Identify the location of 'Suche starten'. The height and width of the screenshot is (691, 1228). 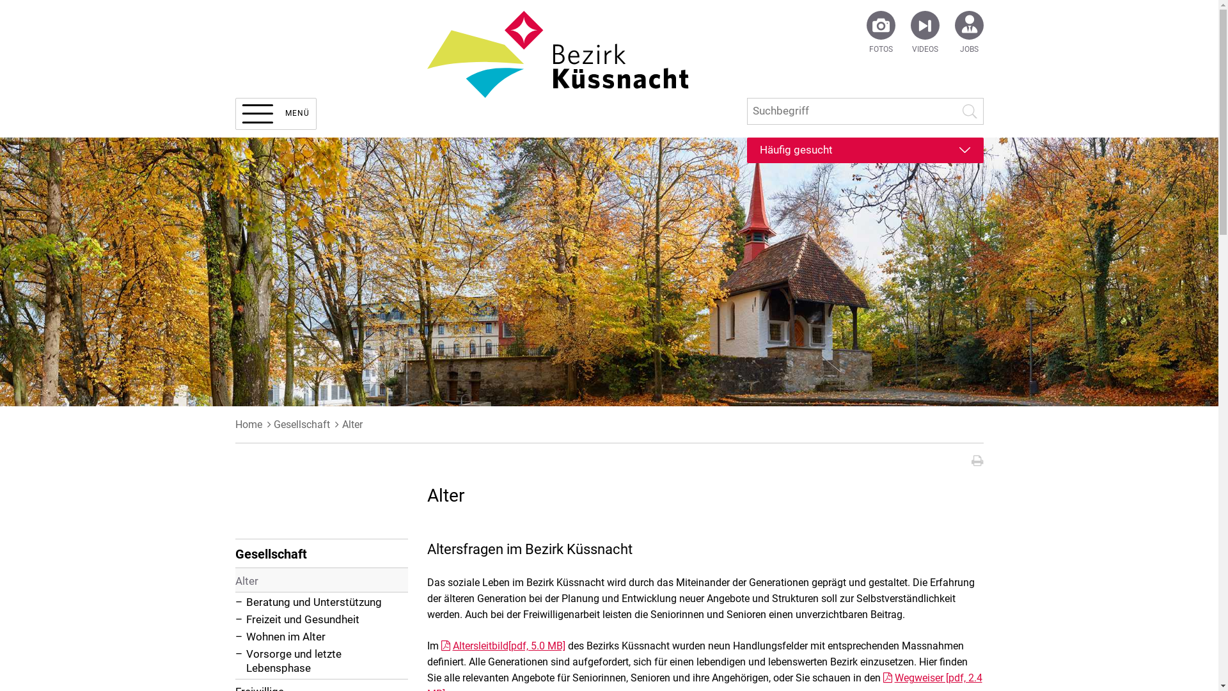
(970, 110).